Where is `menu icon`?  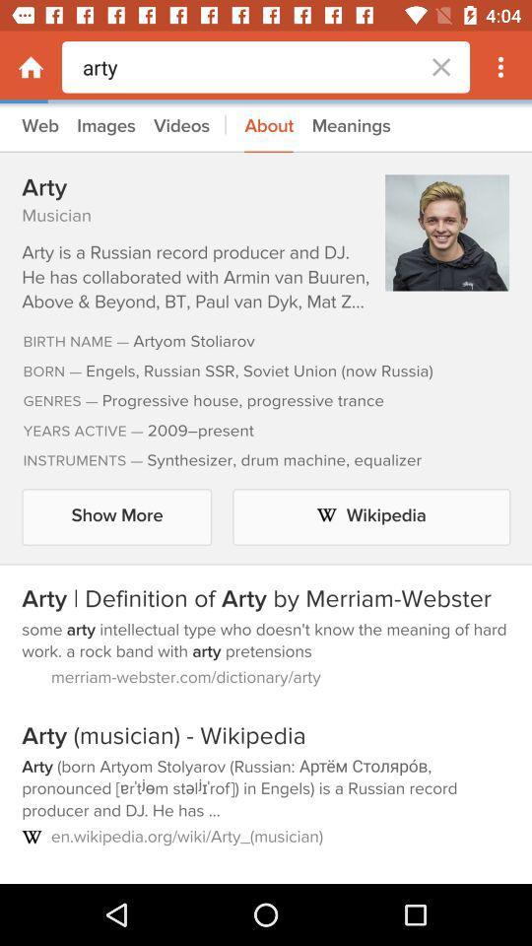 menu icon is located at coordinates (500, 67).